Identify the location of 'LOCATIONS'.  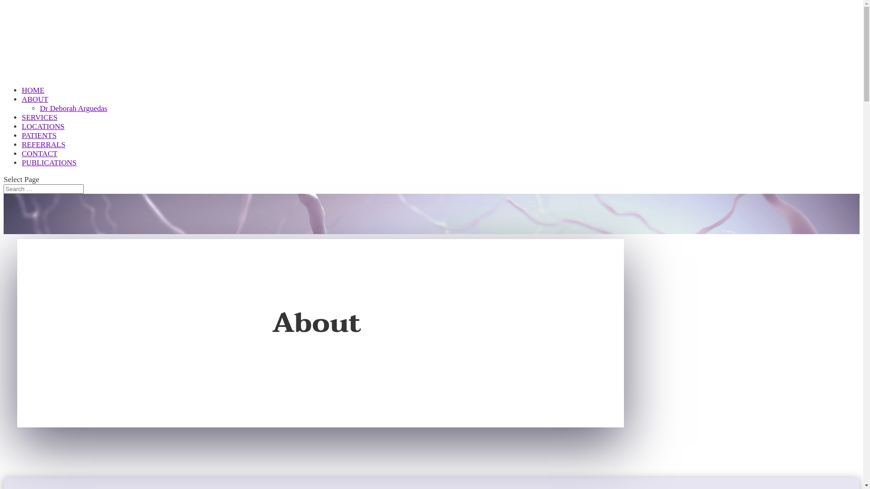
(43, 135).